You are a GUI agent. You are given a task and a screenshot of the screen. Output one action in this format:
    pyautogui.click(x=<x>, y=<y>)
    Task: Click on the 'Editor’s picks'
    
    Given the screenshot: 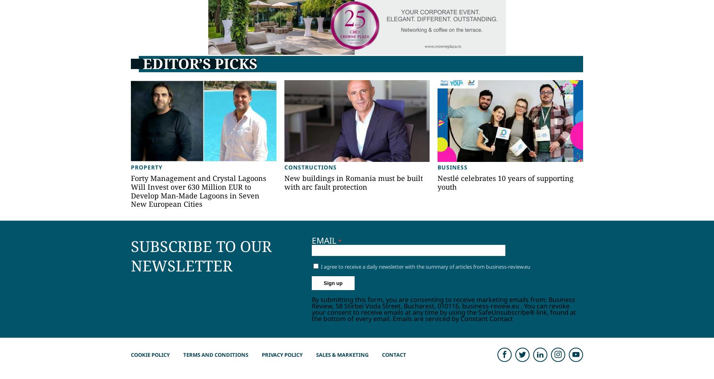 What is the action you would take?
    pyautogui.click(x=200, y=63)
    